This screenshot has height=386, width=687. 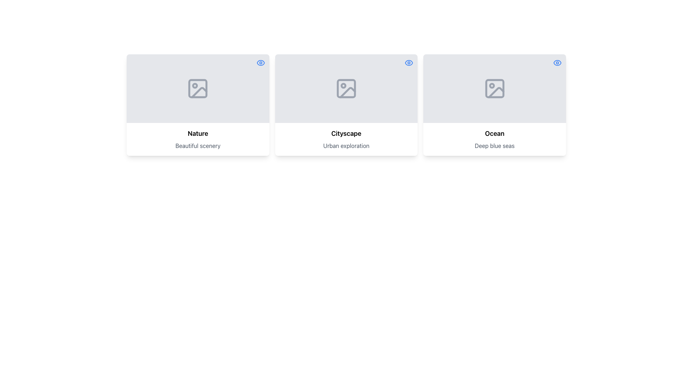 I want to click on the landscape icon element, which is styled as a diagonal line intersecting a sloped section inside a rectangular frame, located in the upper half of the left-most gray-themed card, so click(x=199, y=92).